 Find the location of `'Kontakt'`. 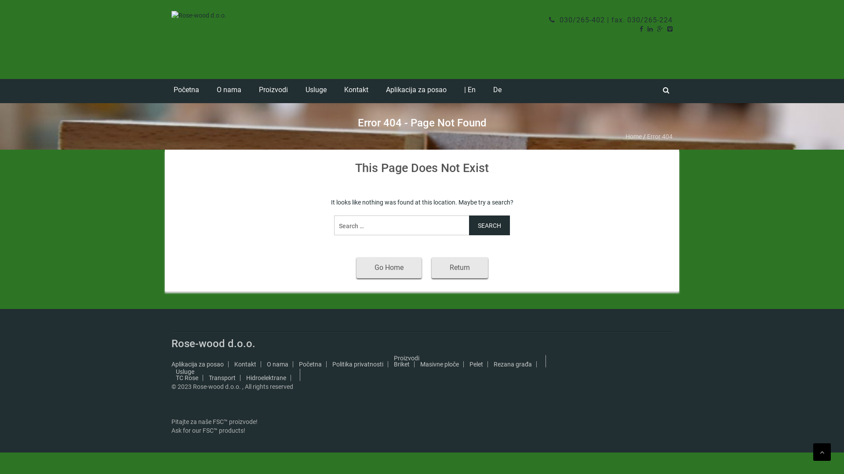

'Kontakt' is located at coordinates (234, 364).